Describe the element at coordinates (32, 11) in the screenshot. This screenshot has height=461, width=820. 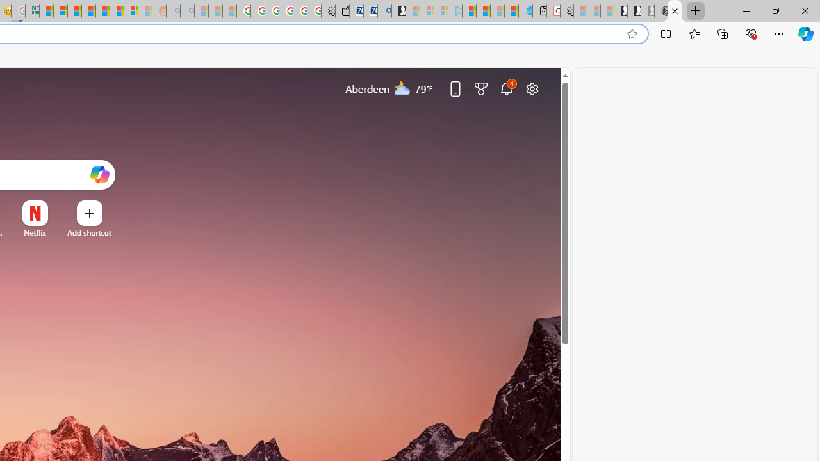
I see `'DITOGAMES AG Imprint'` at that location.